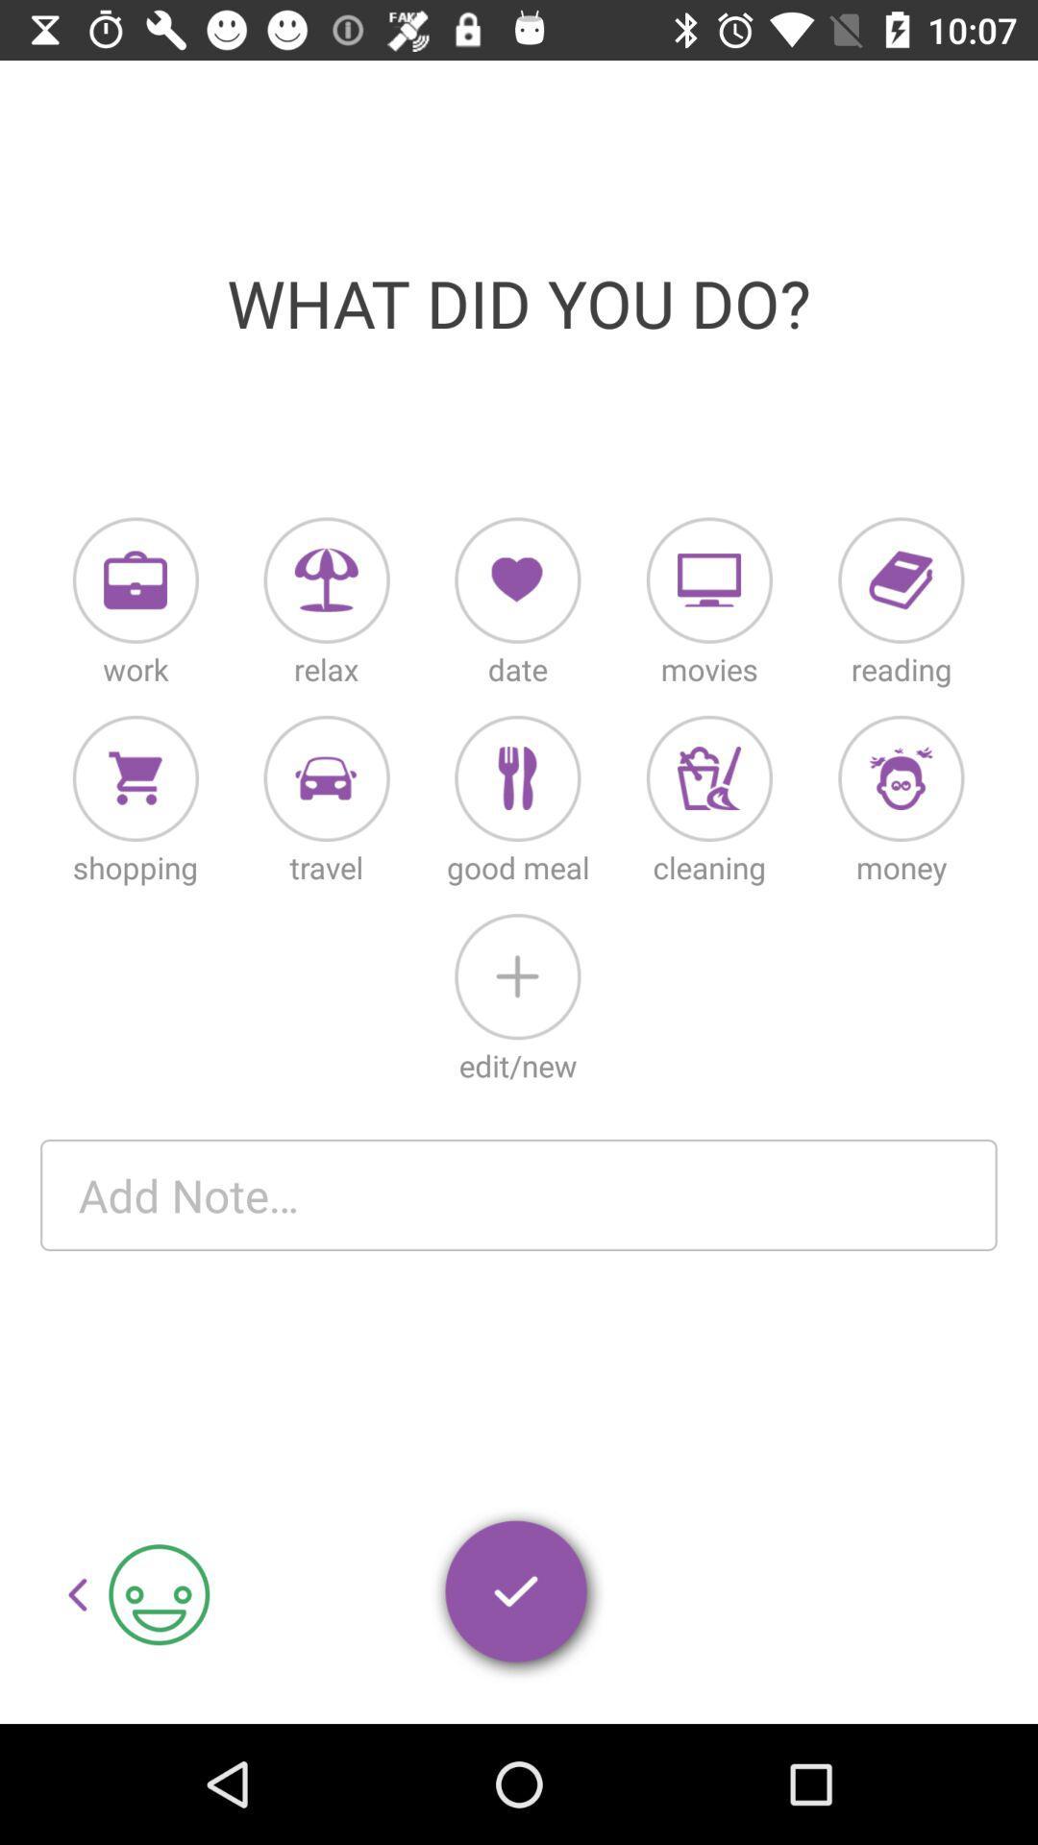 The height and width of the screenshot is (1845, 1038). I want to click on relax button, so click(326, 579).